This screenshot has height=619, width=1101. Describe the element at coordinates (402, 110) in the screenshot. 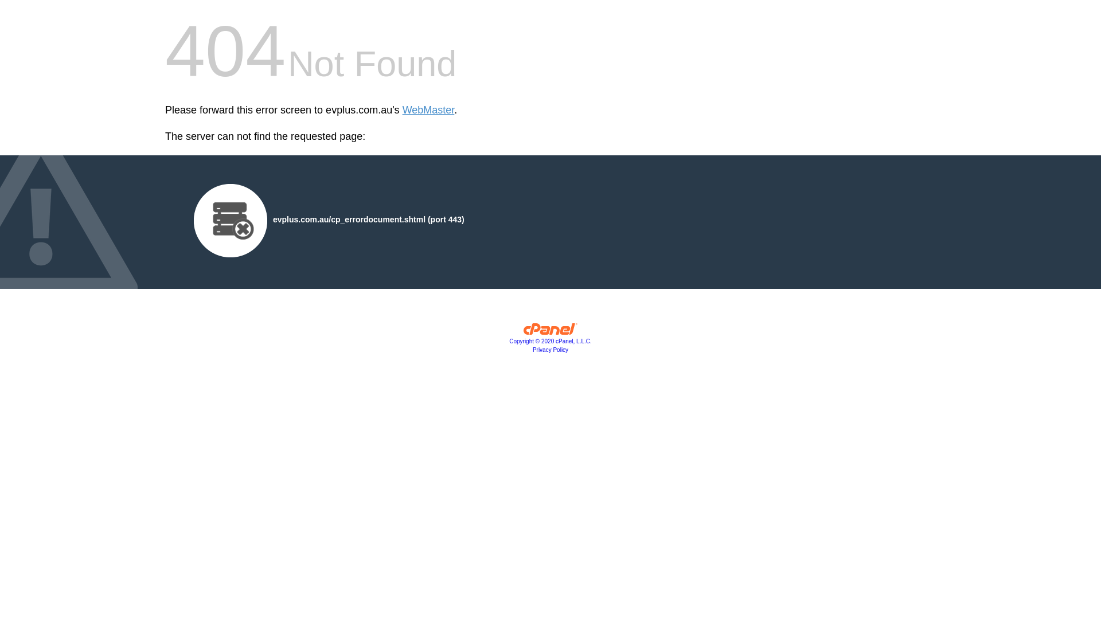

I see `'WebMaster'` at that location.